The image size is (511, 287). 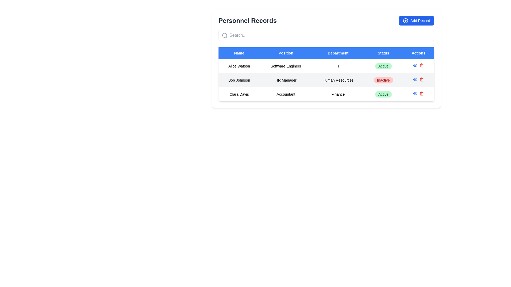 I want to click on the fourth header element of the table, which indicates the status information for each row, located between the 'Department' and 'Actions' headers, so click(x=383, y=53).